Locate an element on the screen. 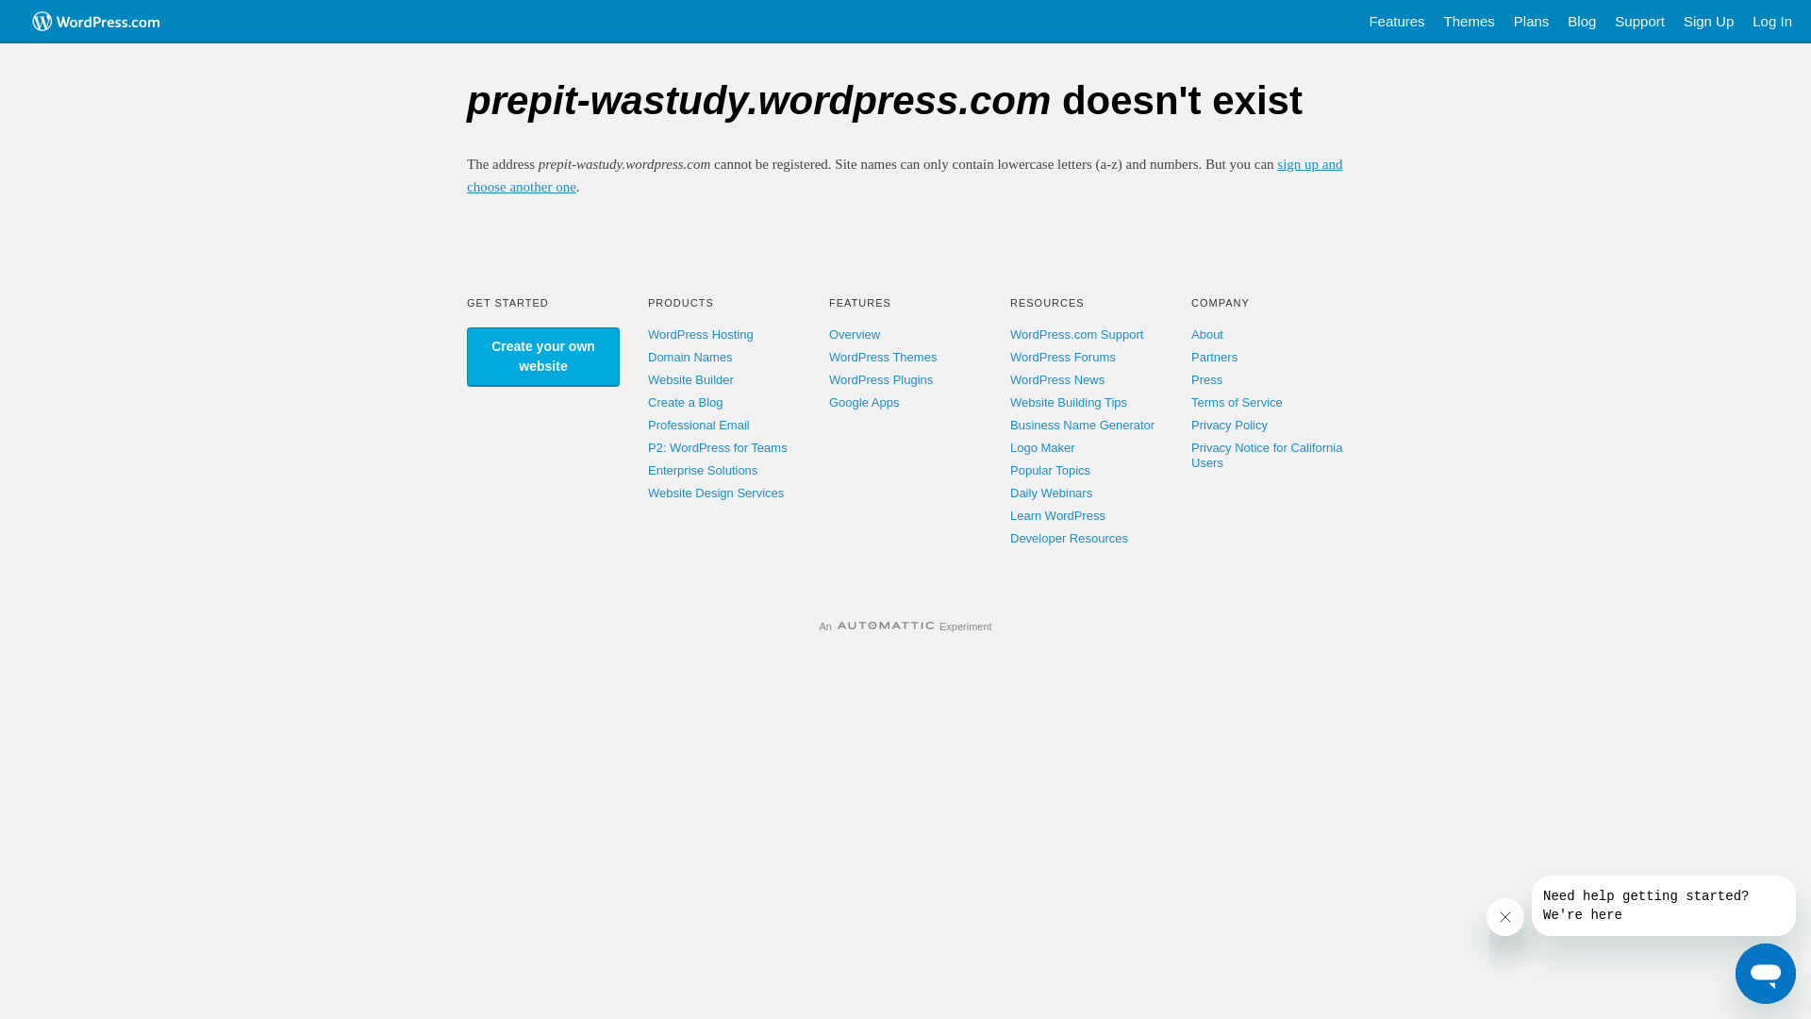 This screenshot has width=1811, height=1019. 'Privacy Policy' is located at coordinates (1189, 425).